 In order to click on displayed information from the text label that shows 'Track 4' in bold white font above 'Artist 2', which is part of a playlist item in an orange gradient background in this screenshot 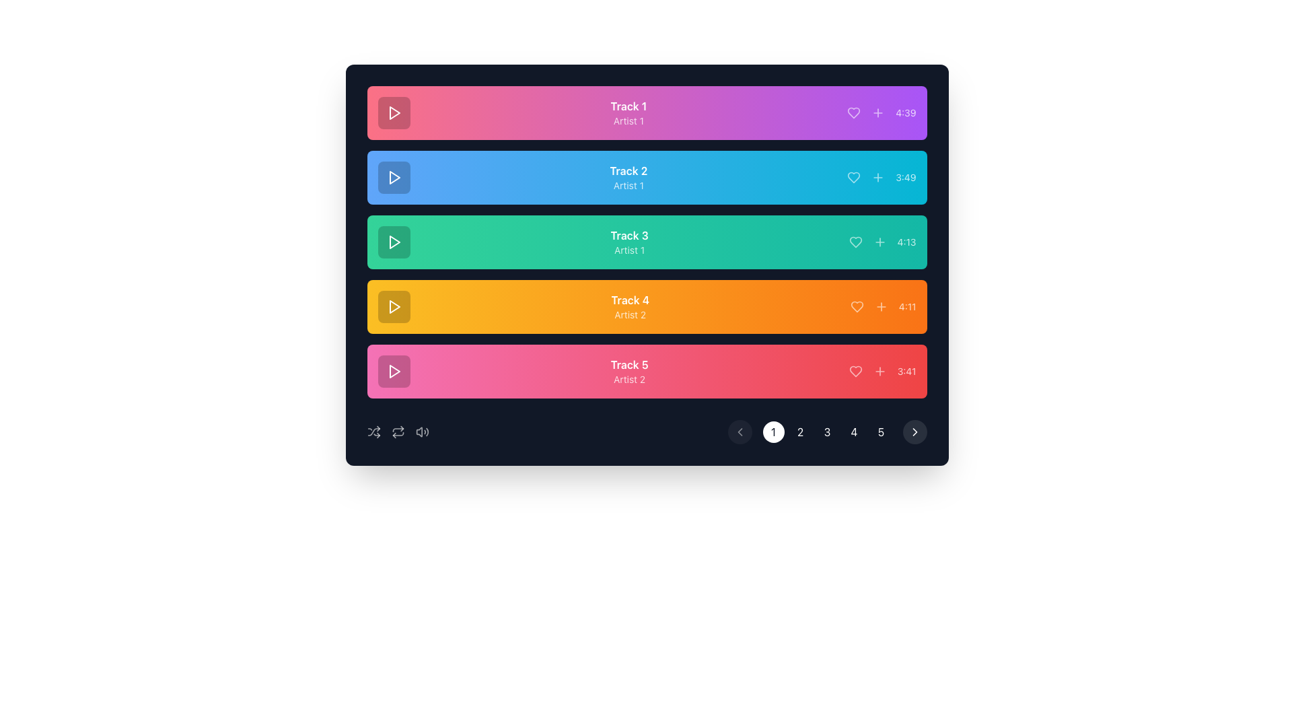, I will do `click(629, 306)`.